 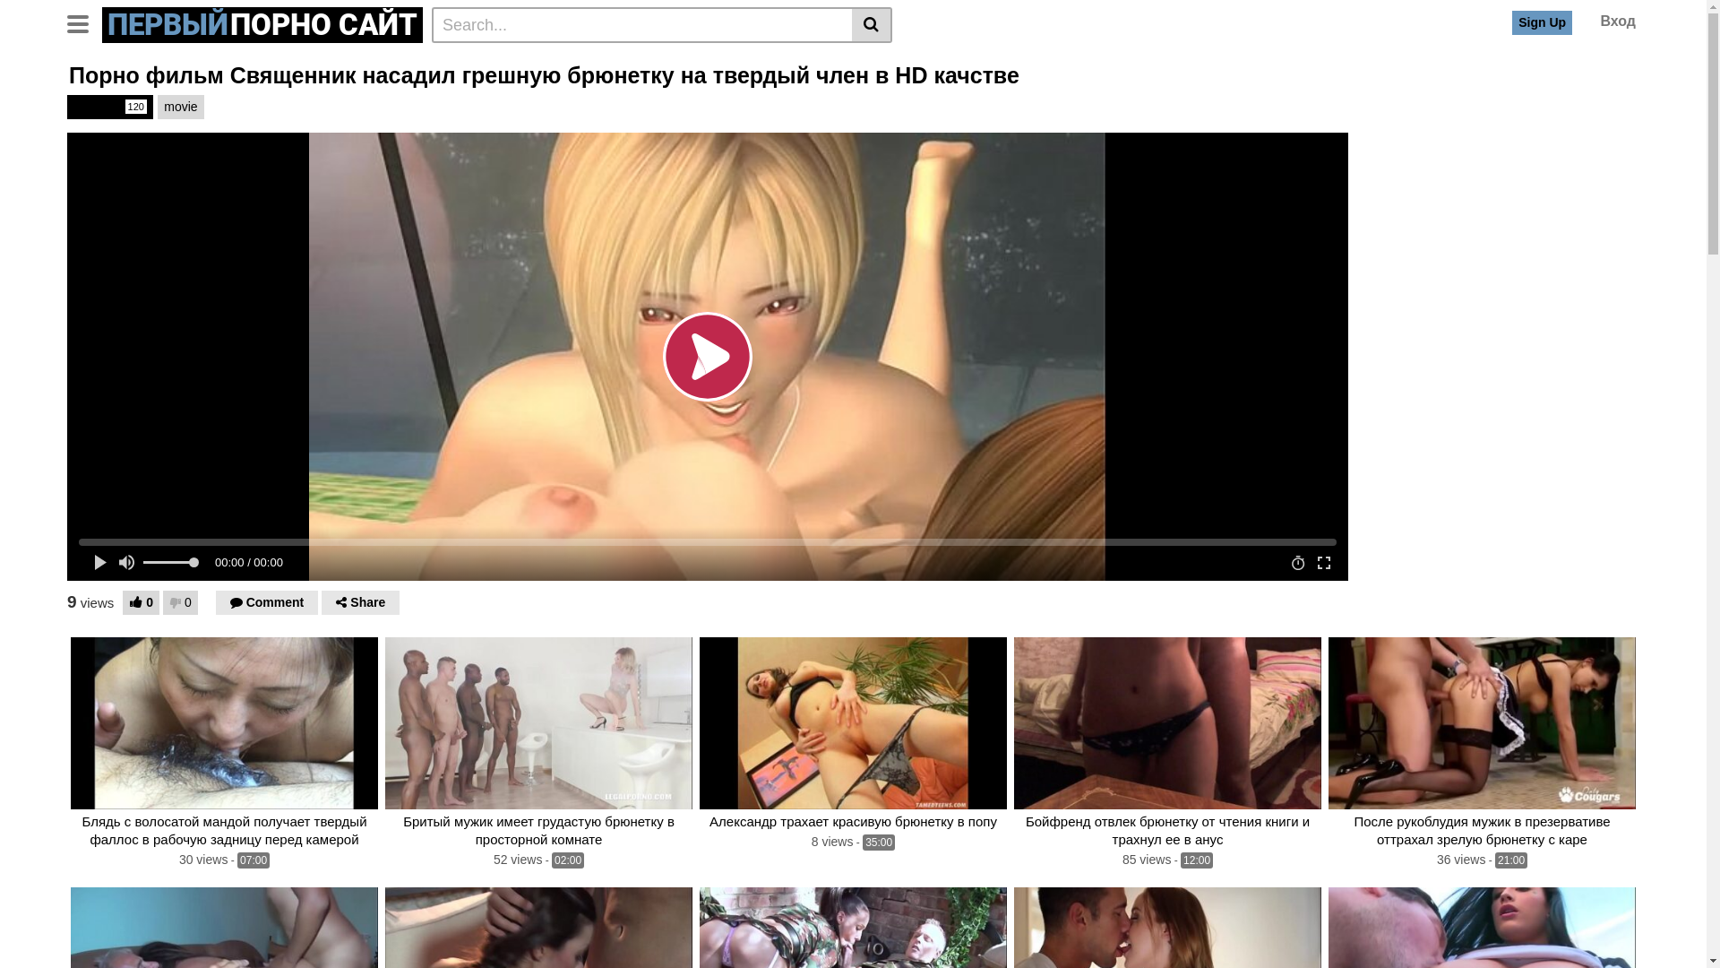 What do you see at coordinates (1541, 22) in the screenshot?
I see `'Sign Up'` at bounding box center [1541, 22].